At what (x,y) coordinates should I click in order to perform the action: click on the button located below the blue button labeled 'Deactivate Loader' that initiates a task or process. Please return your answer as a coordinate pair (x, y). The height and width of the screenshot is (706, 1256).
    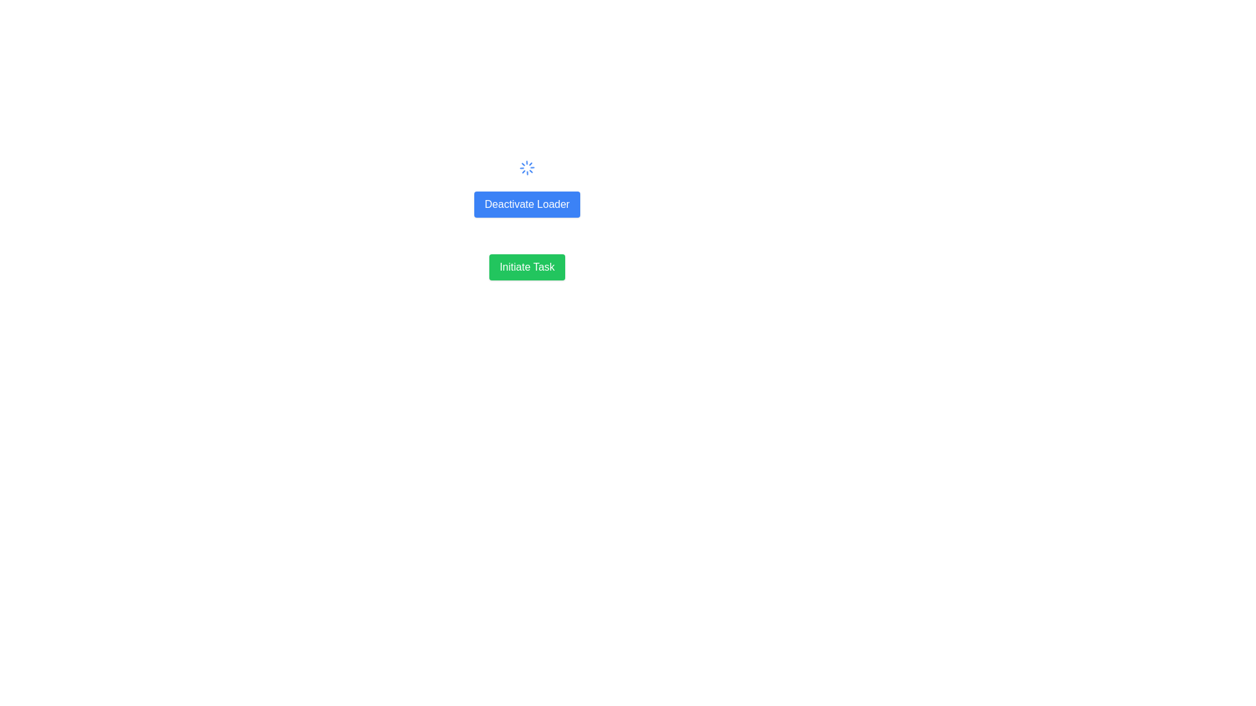
    Looking at the image, I should click on (527, 266).